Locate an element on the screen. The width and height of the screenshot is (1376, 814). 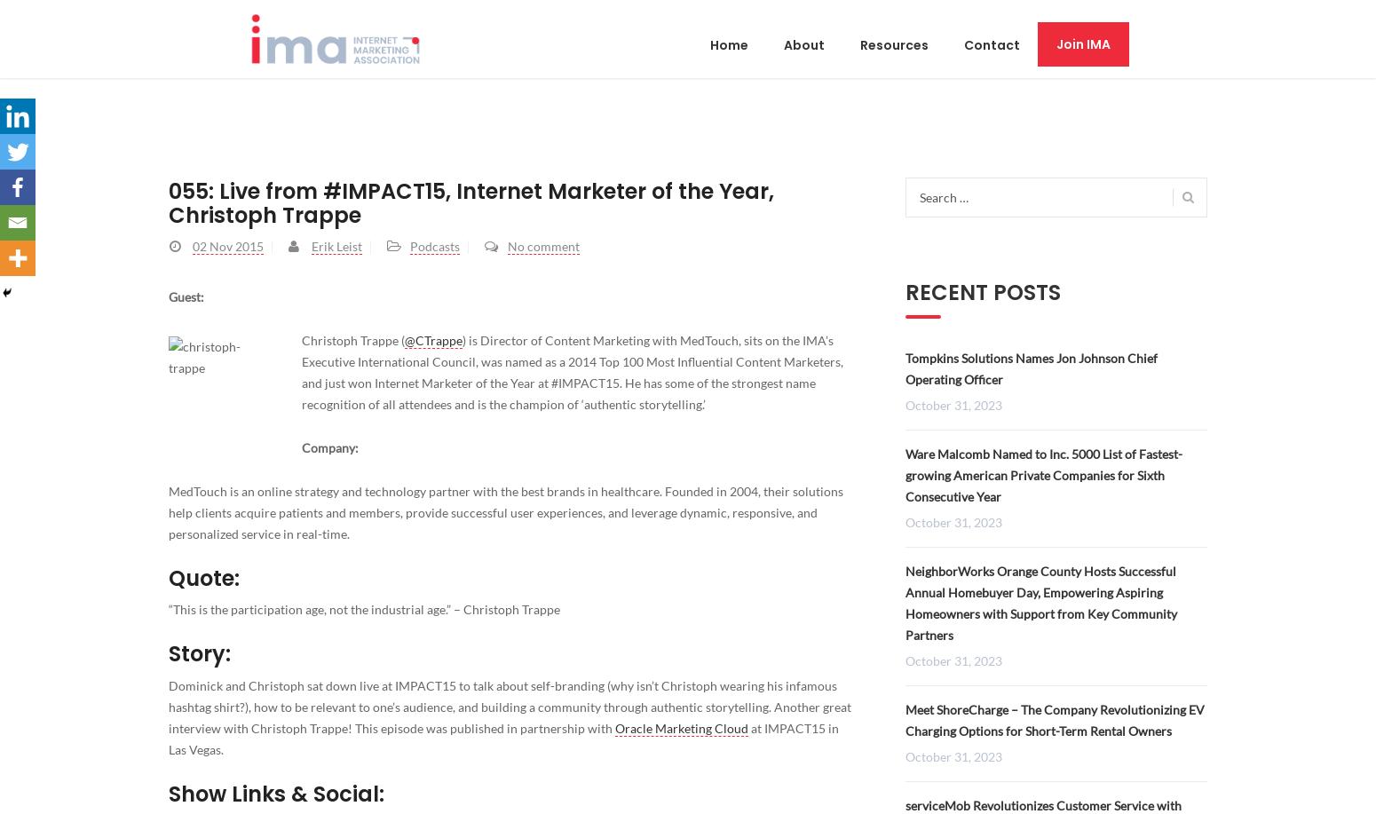
'Resources' is located at coordinates (893, 44).